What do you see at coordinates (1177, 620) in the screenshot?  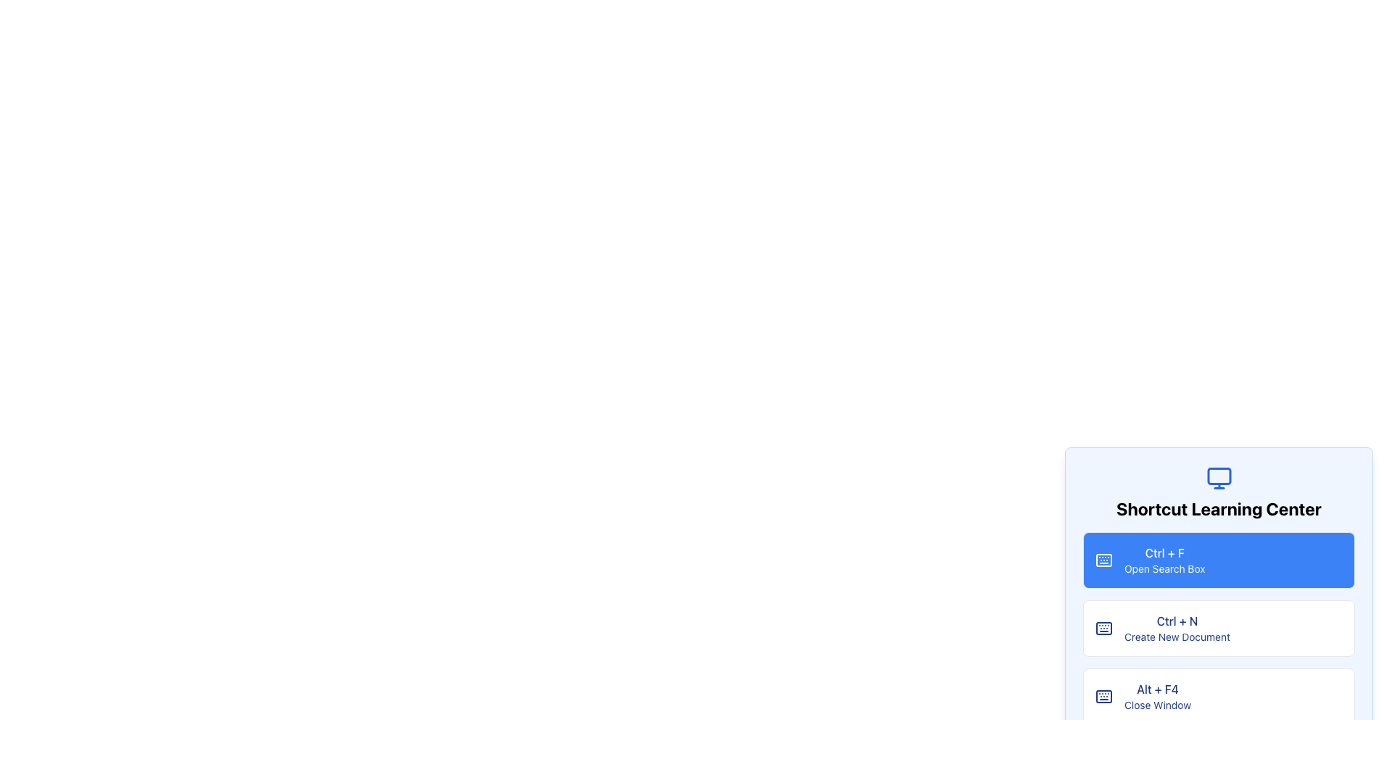 I see `the text label 'Ctrl + N' which is styled in medium font weight and appears in blue color, located above the descriptor text 'Create New Document' in the Shortcut Learning Center` at bounding box center [1177, 620].